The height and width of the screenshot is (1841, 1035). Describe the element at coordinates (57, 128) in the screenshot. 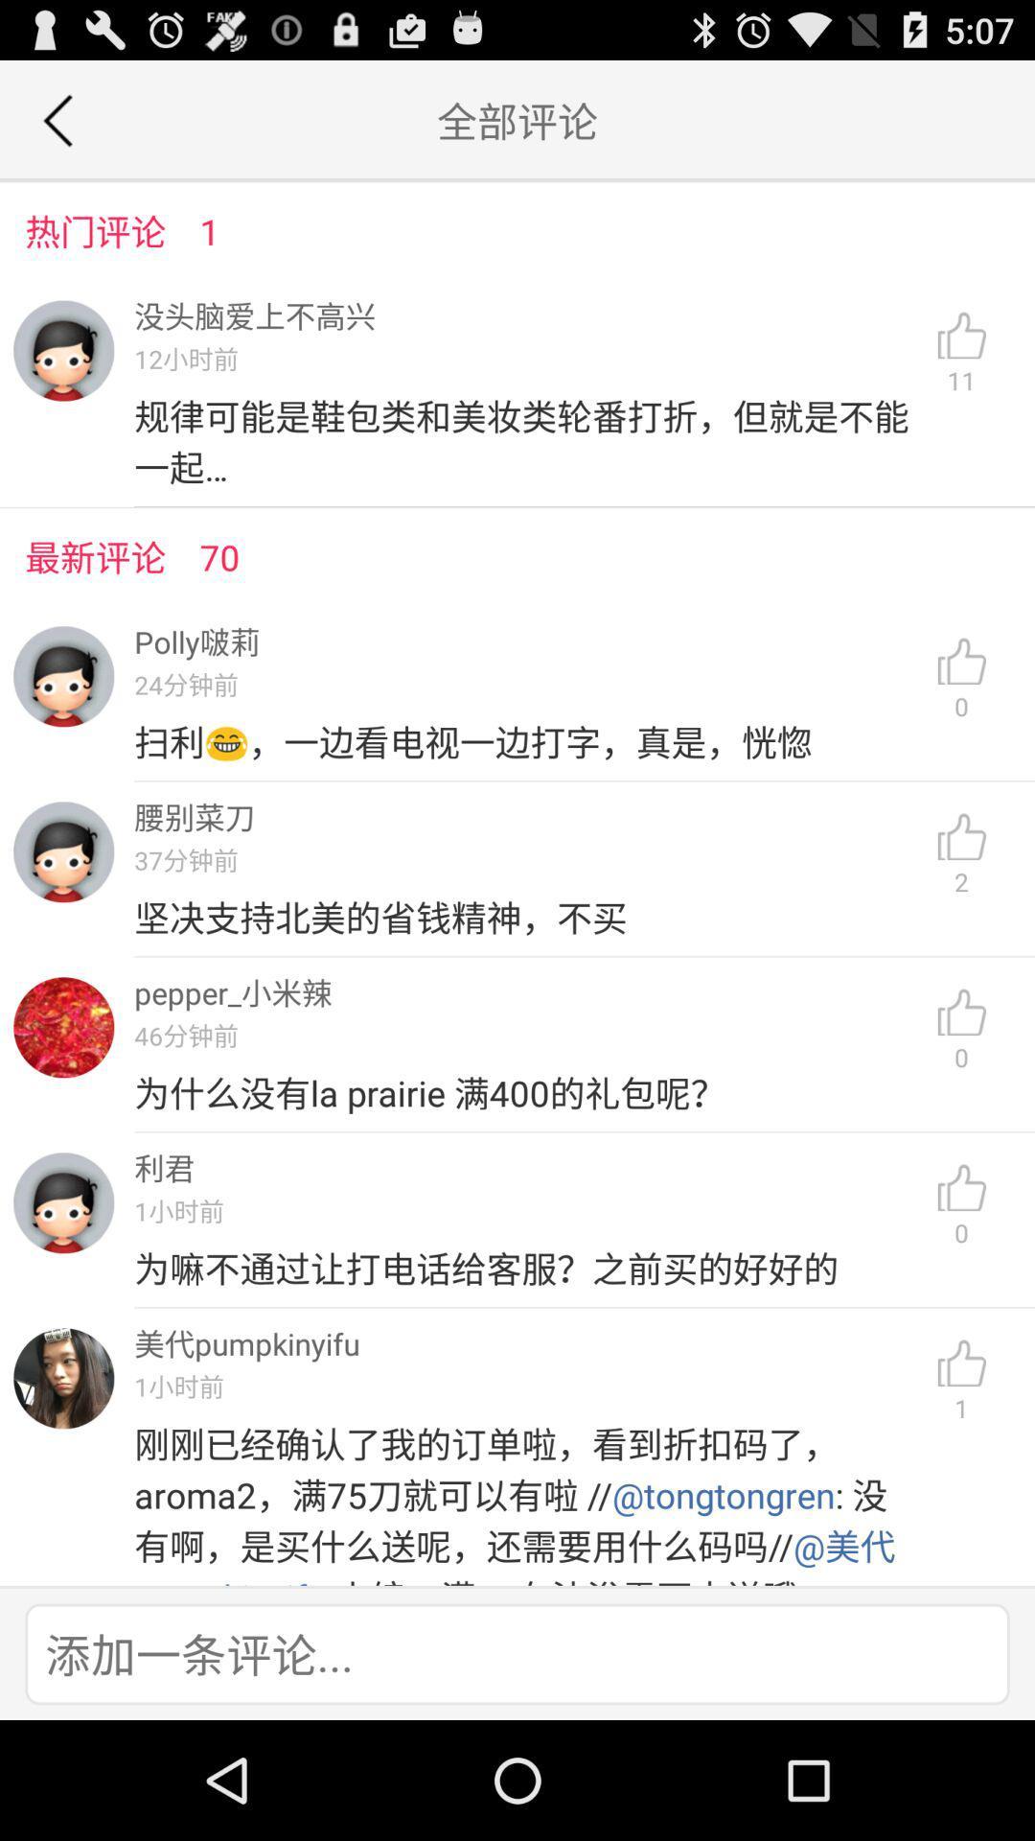

I see `the arrow_backward icon` at that location.